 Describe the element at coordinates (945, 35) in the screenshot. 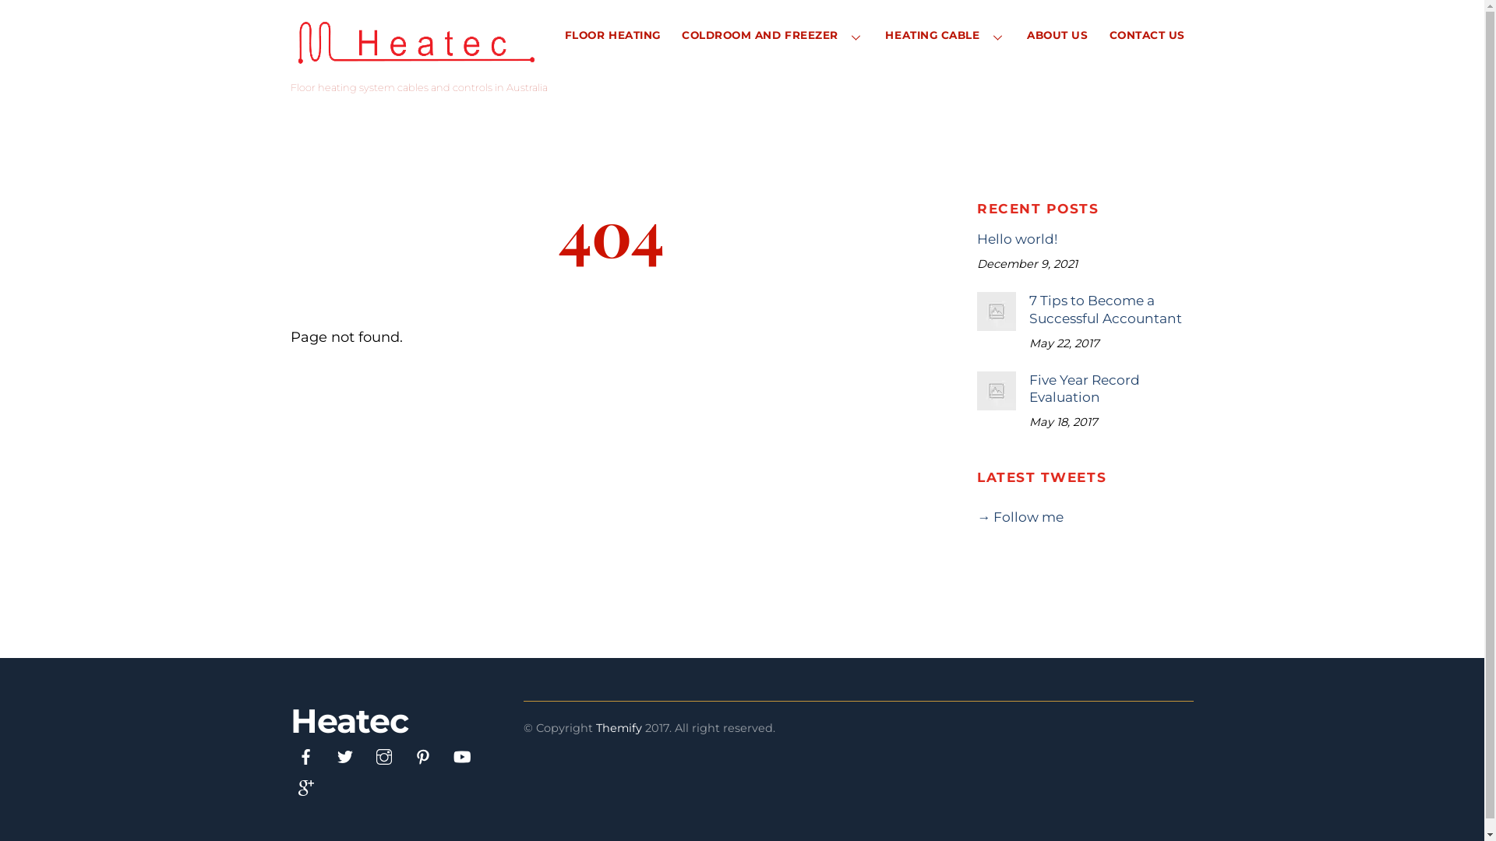

I see `'HEATING CABLE'` at that location.